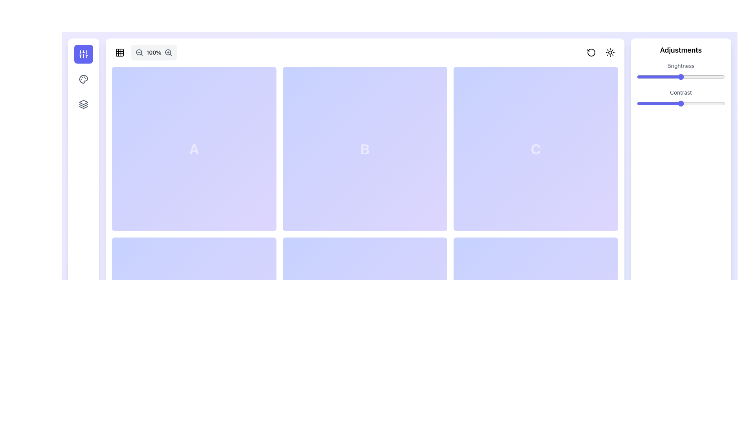 The height and width of the screenshot is (424, 754). I want to click on the Control Panel with Sliders, which contains the 'Brightness' and 'Contrast' labels along with their respective sliders, so click(680, 86).